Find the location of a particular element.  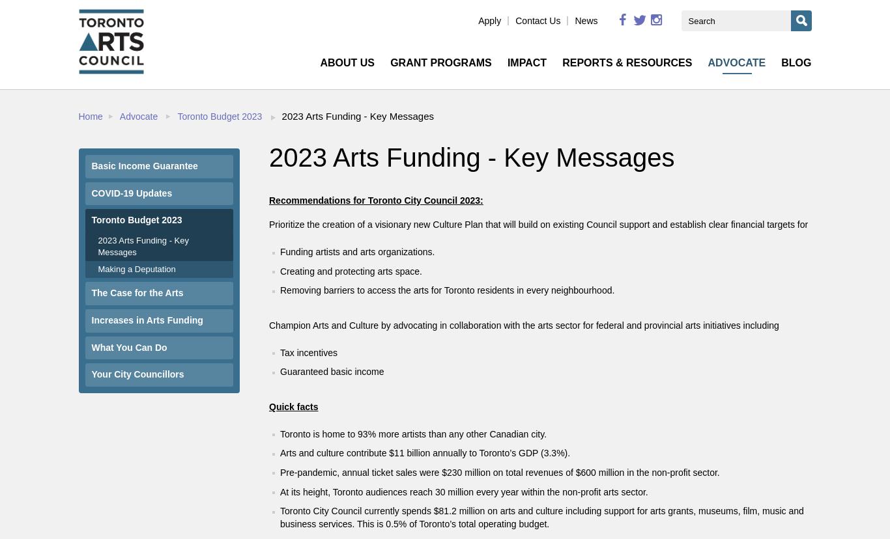

'Recommendations for Toronto City Council 2023:' is located at coordinates (375, 200).